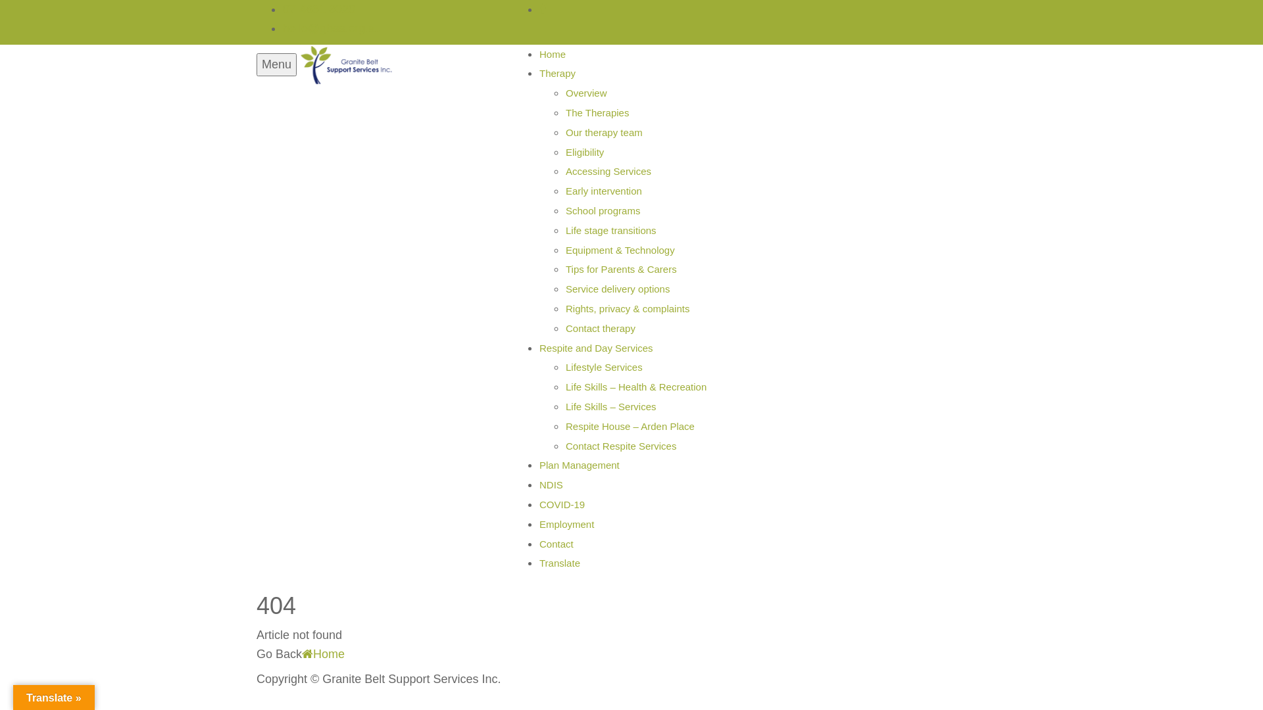  I want to click on 'Service delivery options', so click(617, 288).